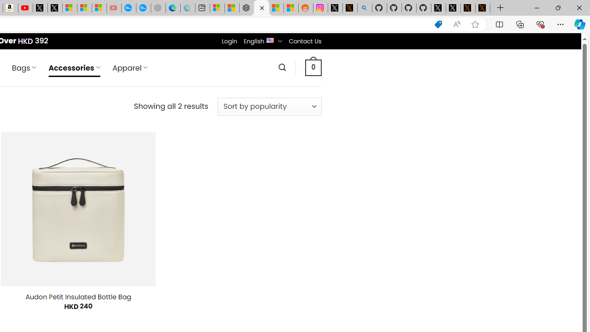 Image resolution: width=590 pixels, height=332 pixels. I want to click on 'Gloom - YouTube - Sleeping', so click(113, 8).